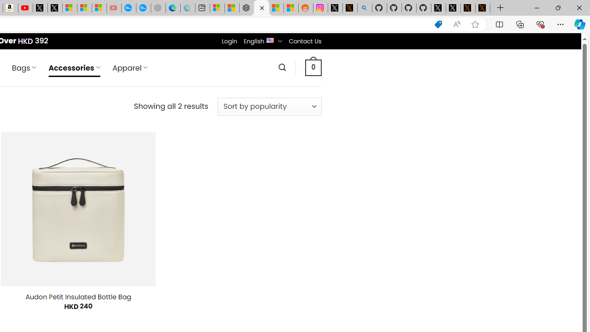 Image resolution: width=590 pixels, height=332 pixels. I want to click on 'Gloom - YouTube - Sleeping', so click(113, 8).